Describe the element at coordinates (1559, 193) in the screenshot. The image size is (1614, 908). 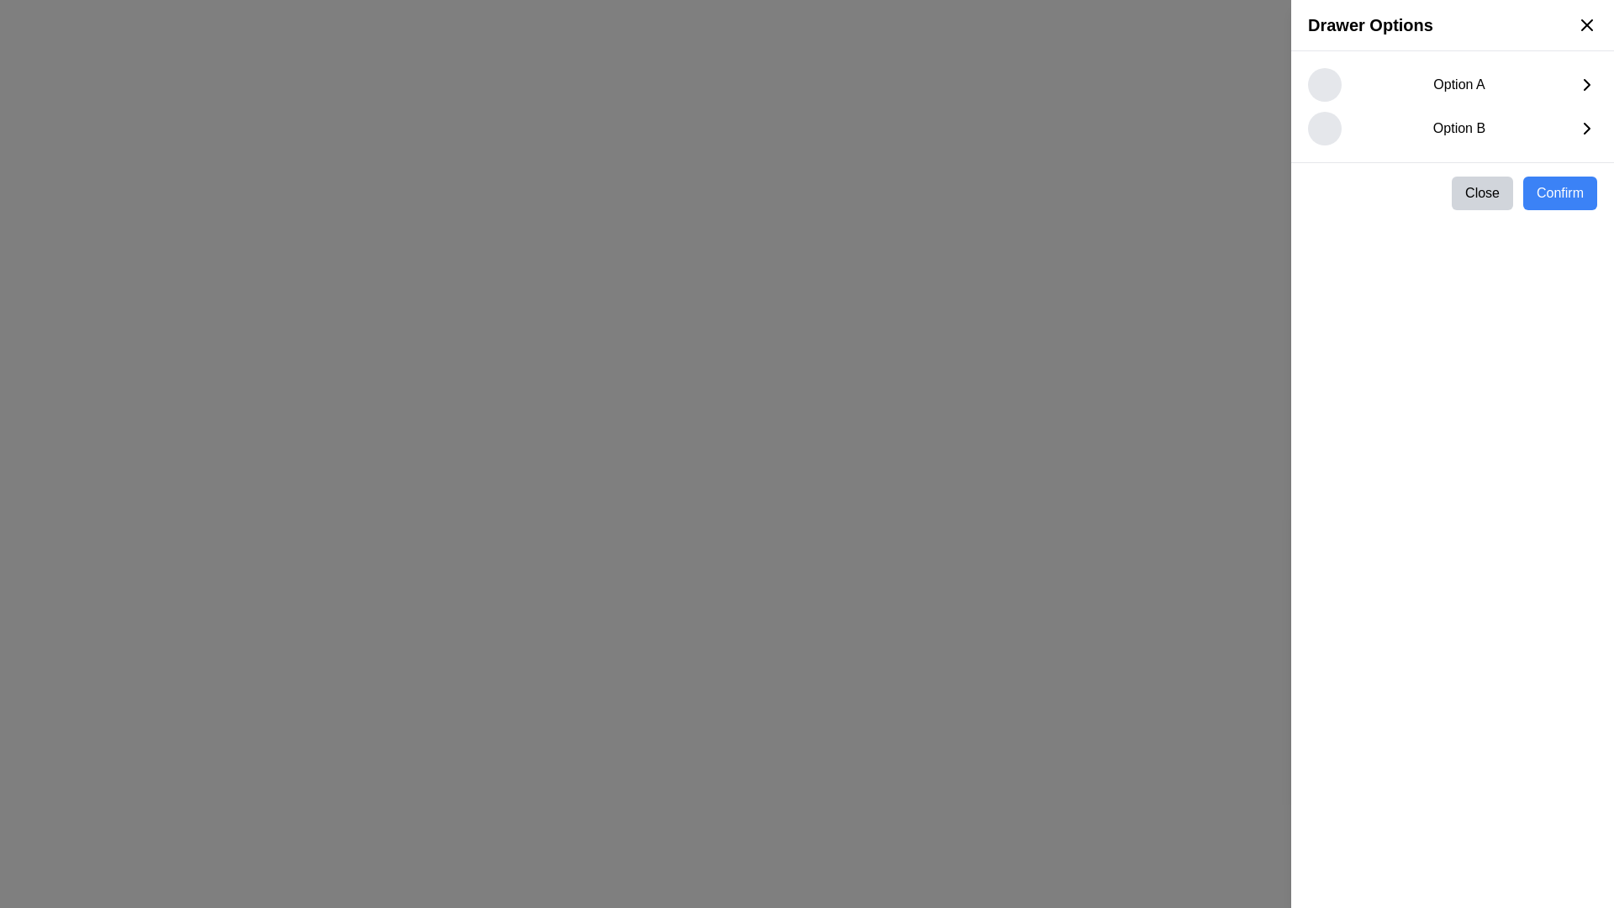
I see `the confirmation button located to the right of the 'Close' button in the bottom-right corner of the vertical drawer layout to observe the hover state change` at that location.